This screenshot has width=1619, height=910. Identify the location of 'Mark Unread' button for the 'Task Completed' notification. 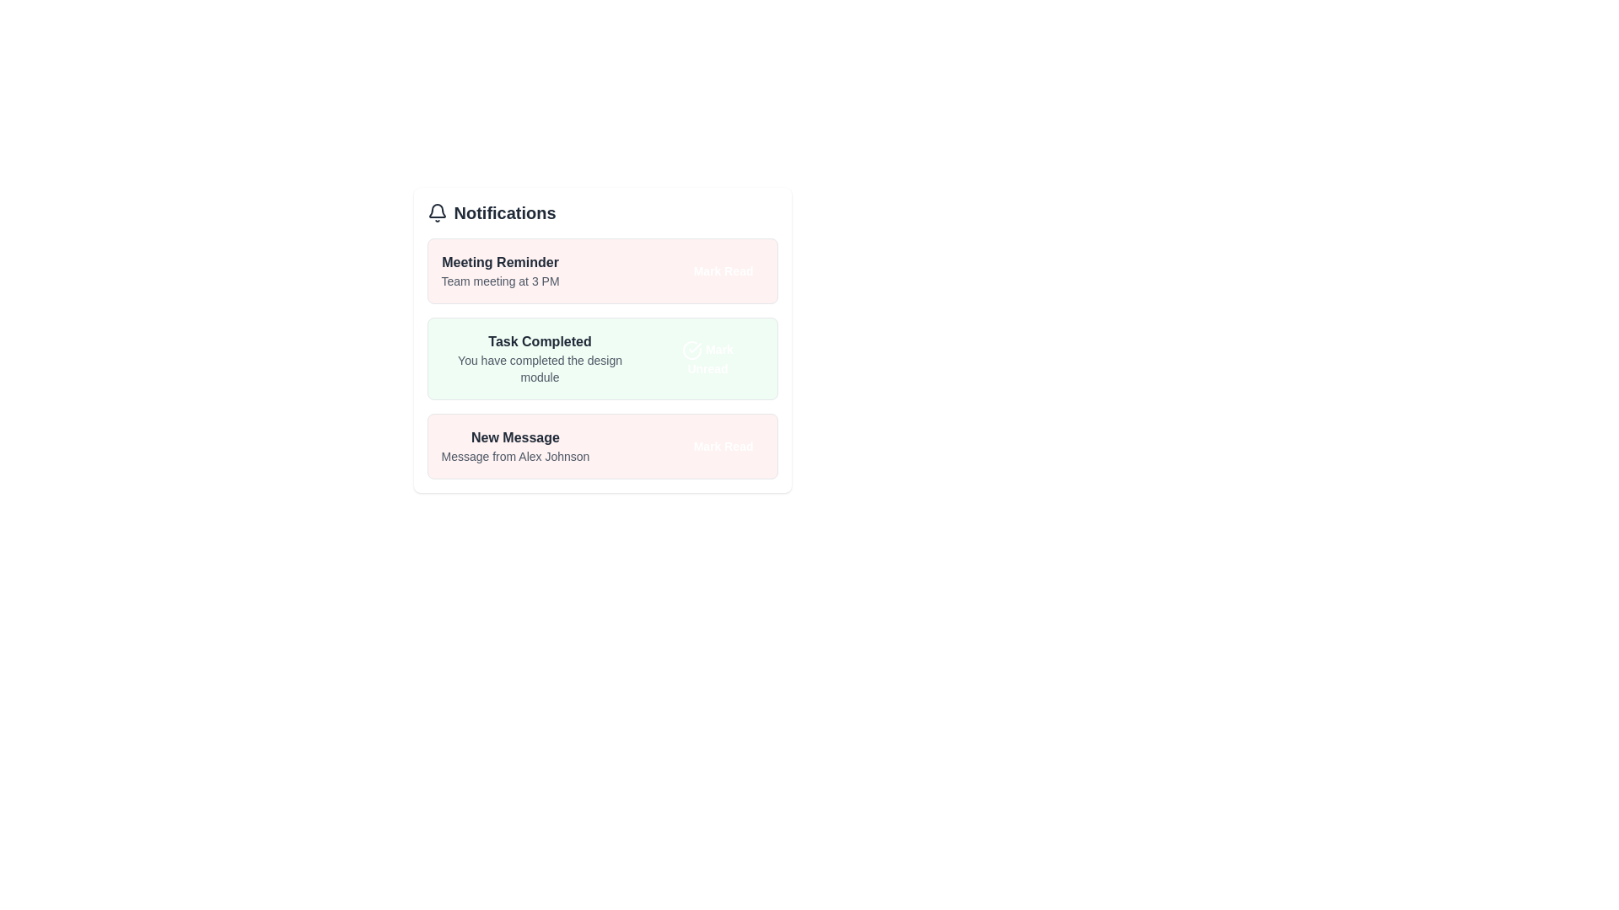
(707, 357).